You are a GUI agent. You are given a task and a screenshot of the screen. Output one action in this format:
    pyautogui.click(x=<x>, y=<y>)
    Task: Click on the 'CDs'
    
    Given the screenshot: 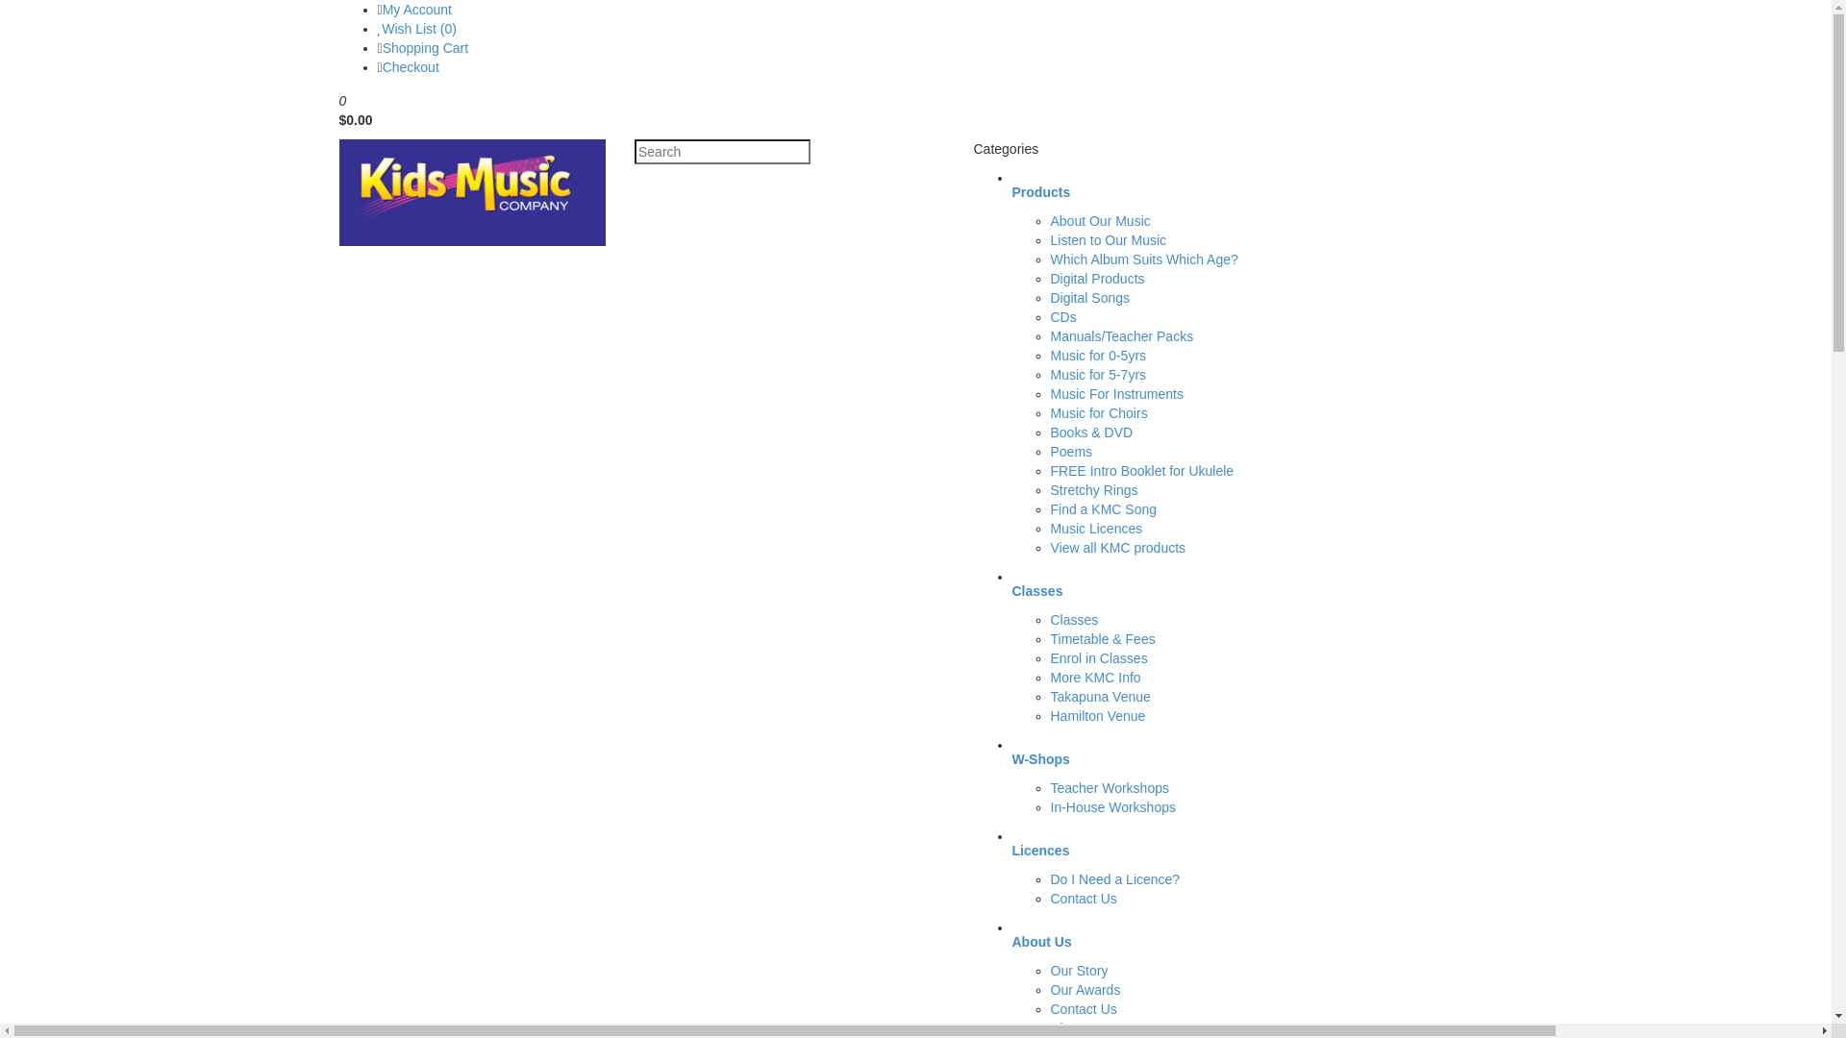 What is the action you would take?
    pyautogui.click(x=1048, y=316)
    